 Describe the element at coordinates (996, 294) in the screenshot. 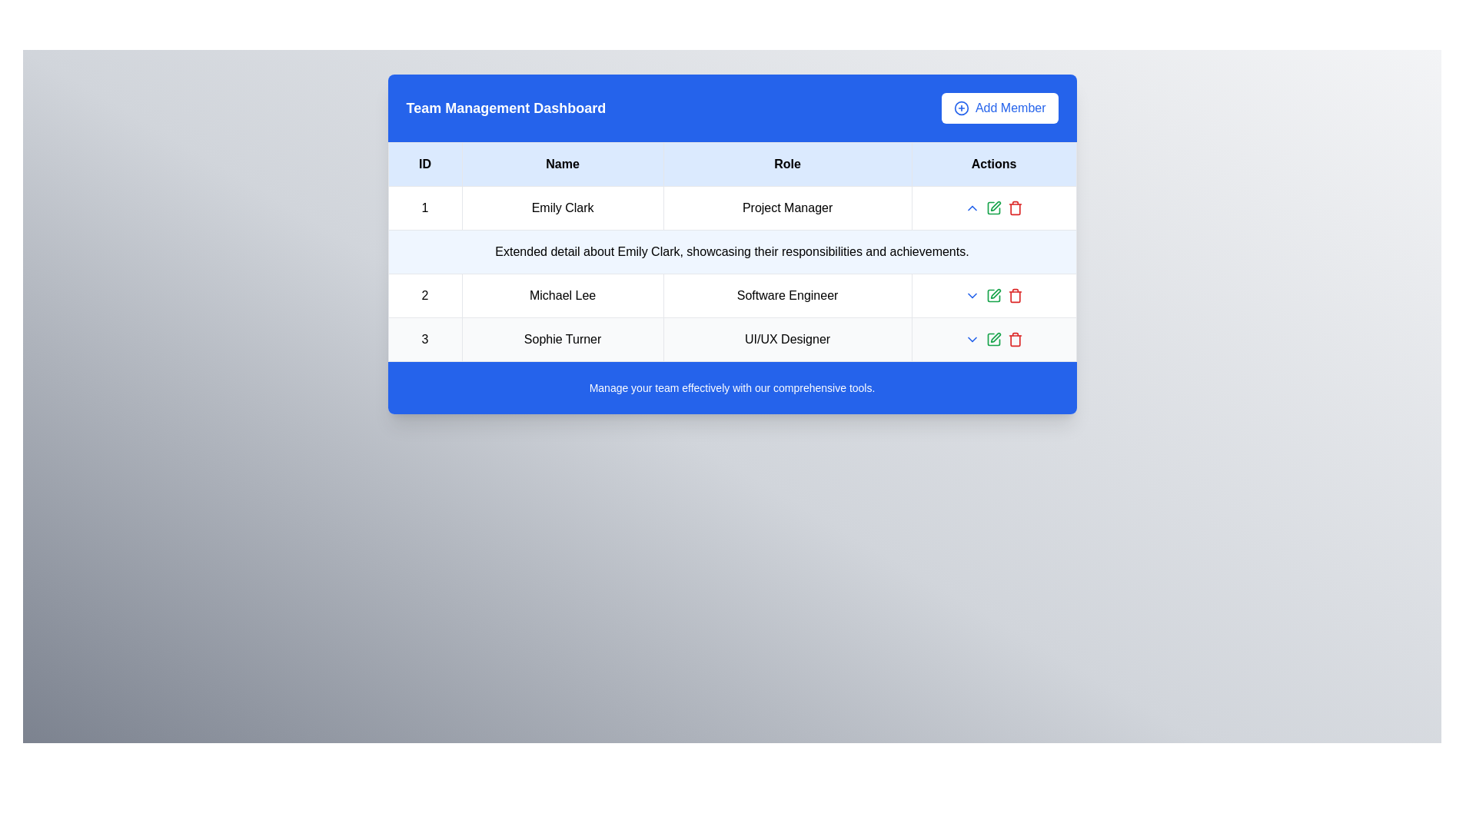

I see `the Edit or Pen Icon located in the 'Actions' column of the row for 'Michael Lee'` at that location.